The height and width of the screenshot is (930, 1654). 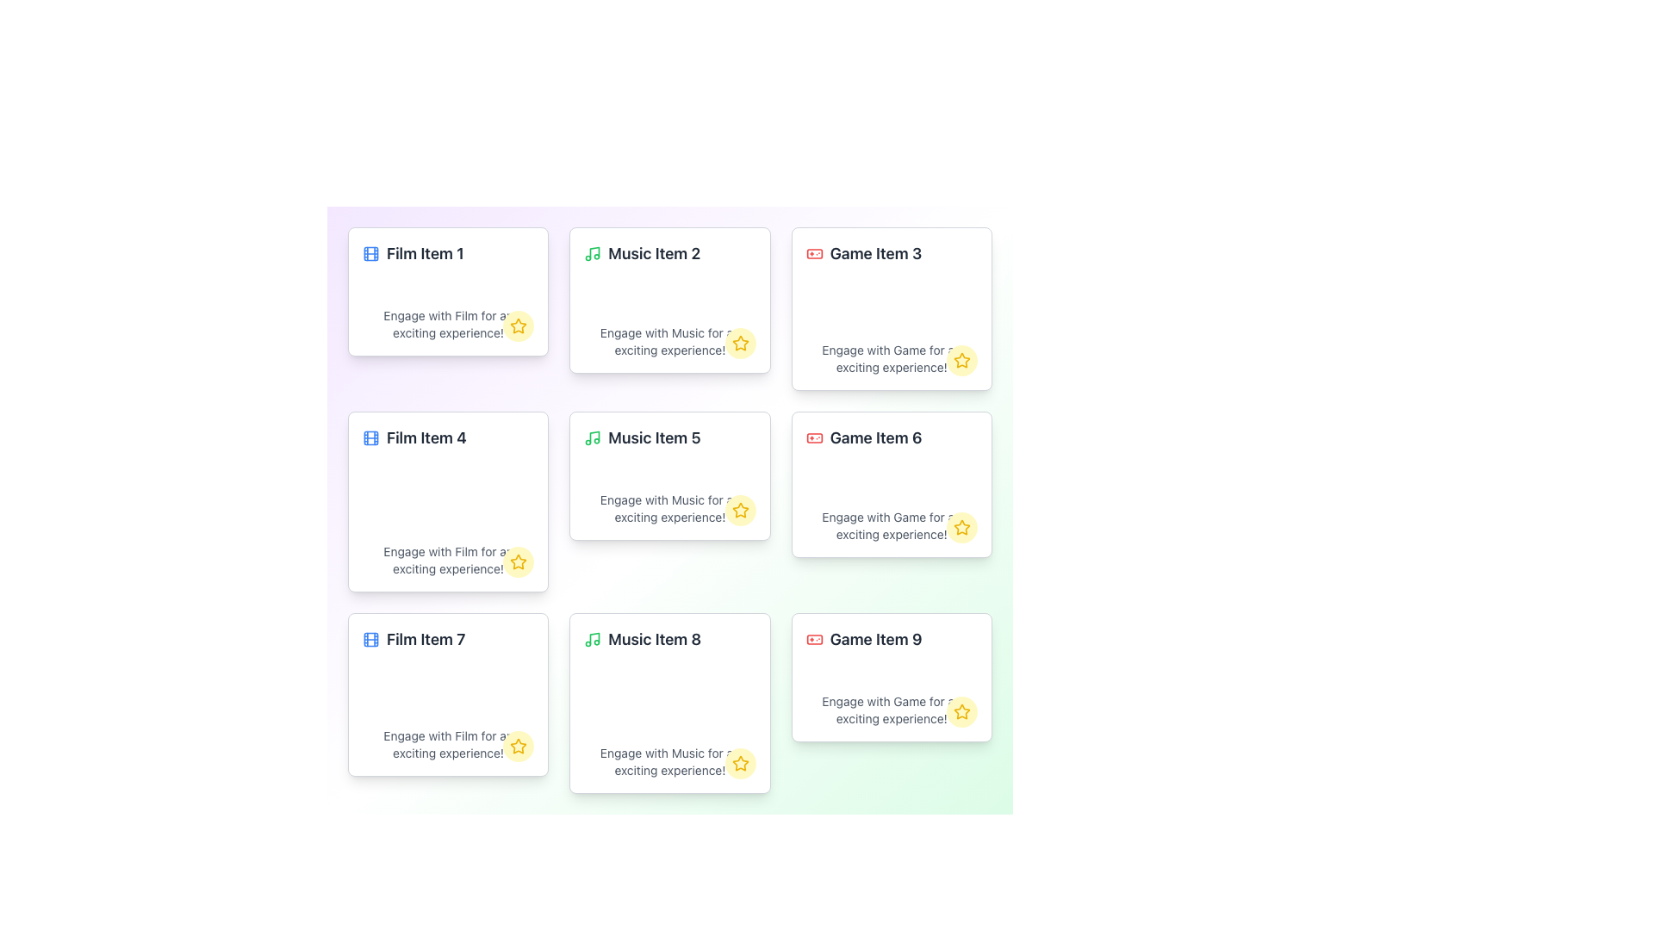 What do you see at coordinates (448, 640) in the screenshot?
I see `the Label with icon that identifies 'Film Item 7' in the catalog, located in the bottom-left cell of its section` at bounding box center [448, 640].